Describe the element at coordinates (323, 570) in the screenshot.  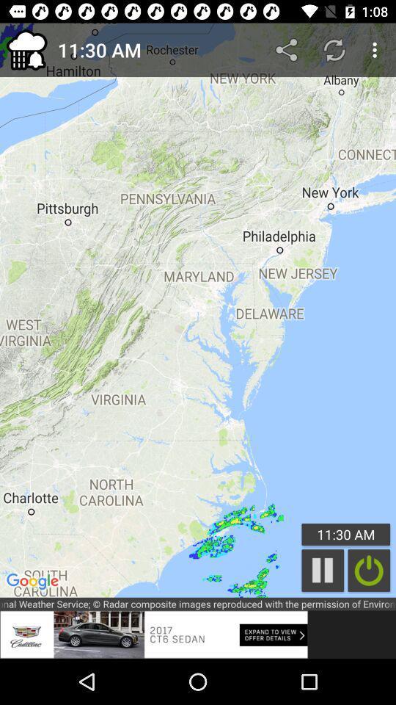
I see `pause button` at that location.